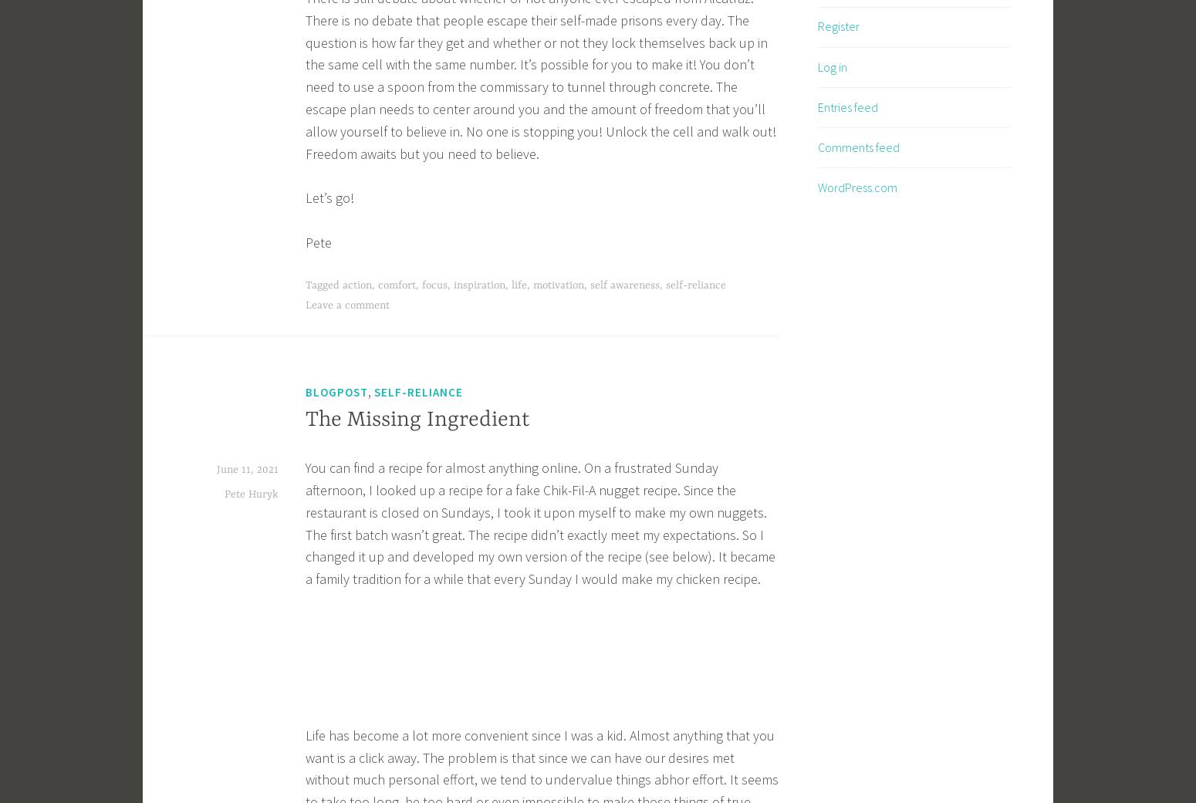 The width and height of the screenshot is (1196, 803). I want to click on 'action', so click(343, 285).